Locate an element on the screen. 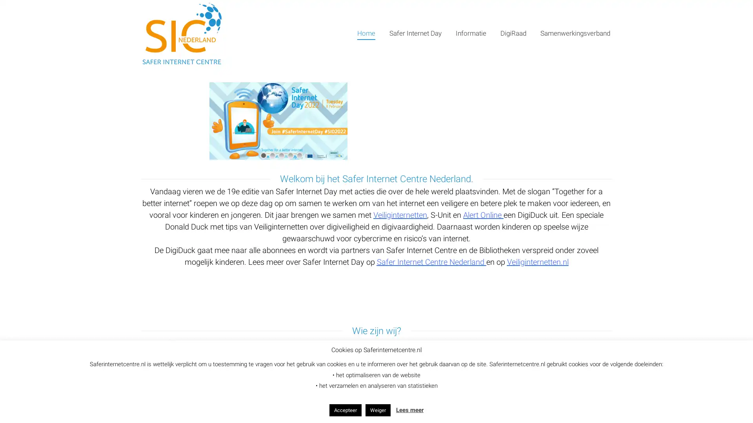 The width and height of the screenshot is (753, 423). Weiger is located at coordinates (378, 410).